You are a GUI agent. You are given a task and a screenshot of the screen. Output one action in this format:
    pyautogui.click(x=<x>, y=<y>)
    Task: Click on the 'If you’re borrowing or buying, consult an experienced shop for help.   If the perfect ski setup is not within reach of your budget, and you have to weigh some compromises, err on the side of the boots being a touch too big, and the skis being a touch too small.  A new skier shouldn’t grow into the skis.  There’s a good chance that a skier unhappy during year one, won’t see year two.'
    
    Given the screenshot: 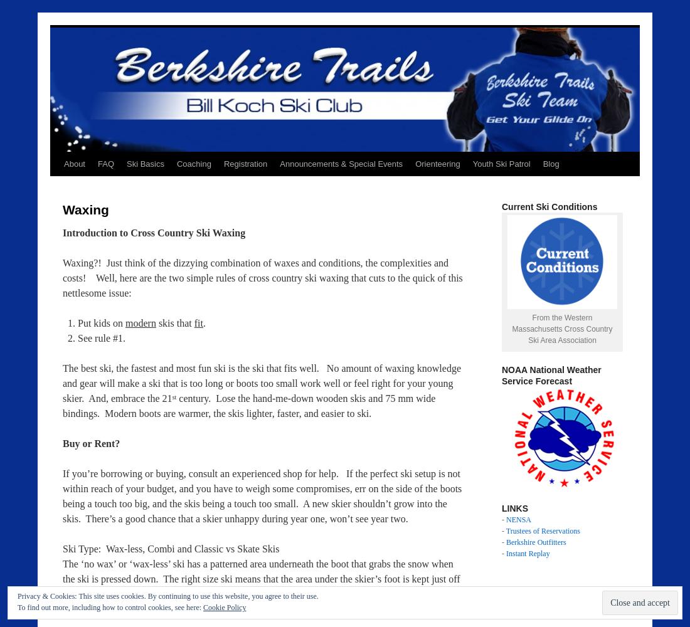 What is the action you would take?
    pyautogui.click(x=262, y=496)
    